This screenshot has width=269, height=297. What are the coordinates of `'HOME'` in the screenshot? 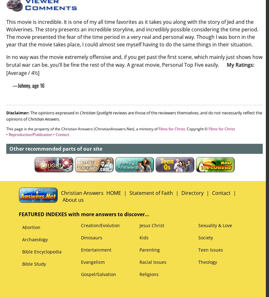 It's located at (106, 193).